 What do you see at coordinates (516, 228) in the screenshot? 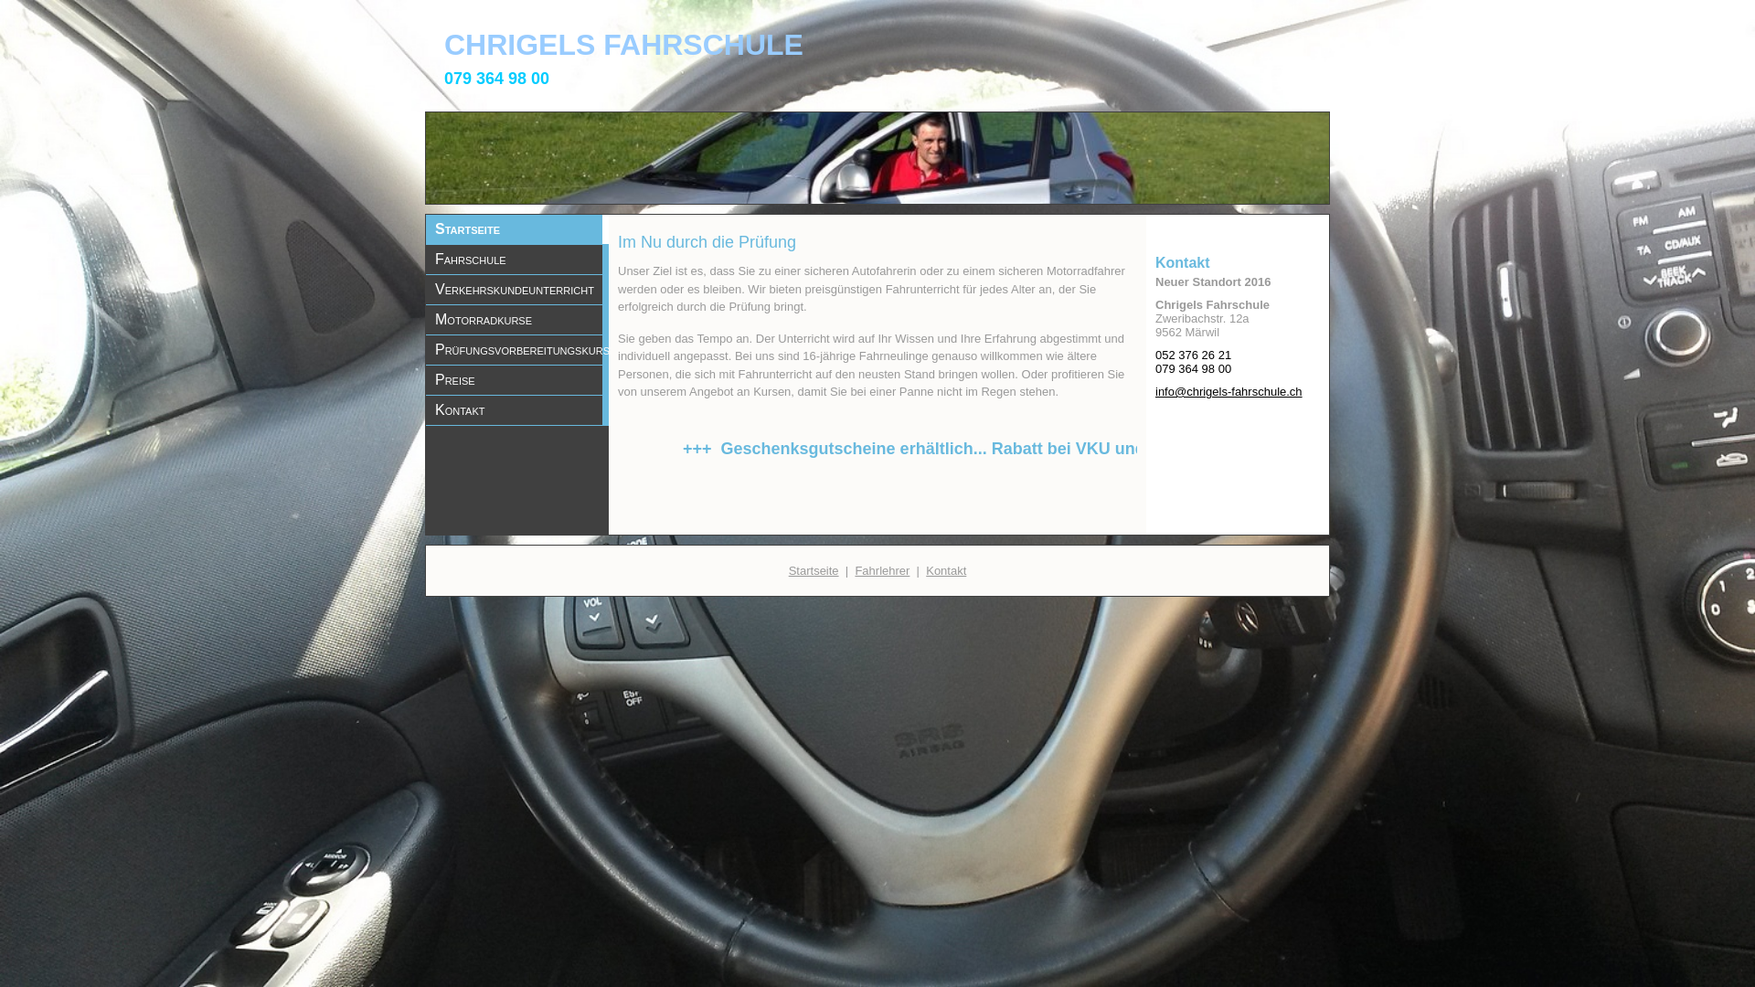
I see `'Startseite'` at bounding box center [516, 228].